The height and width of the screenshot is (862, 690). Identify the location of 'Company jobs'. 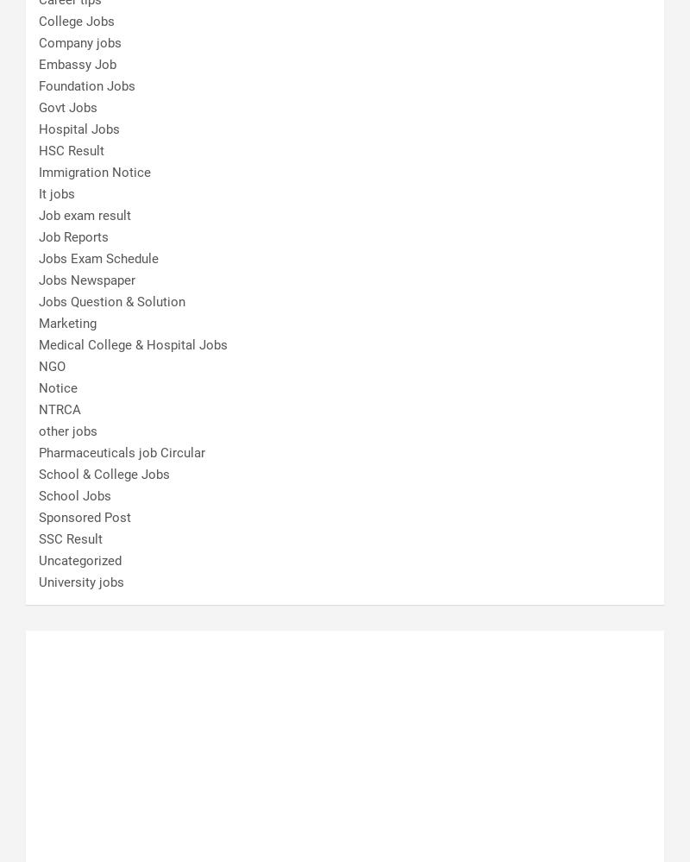
(79, 41).